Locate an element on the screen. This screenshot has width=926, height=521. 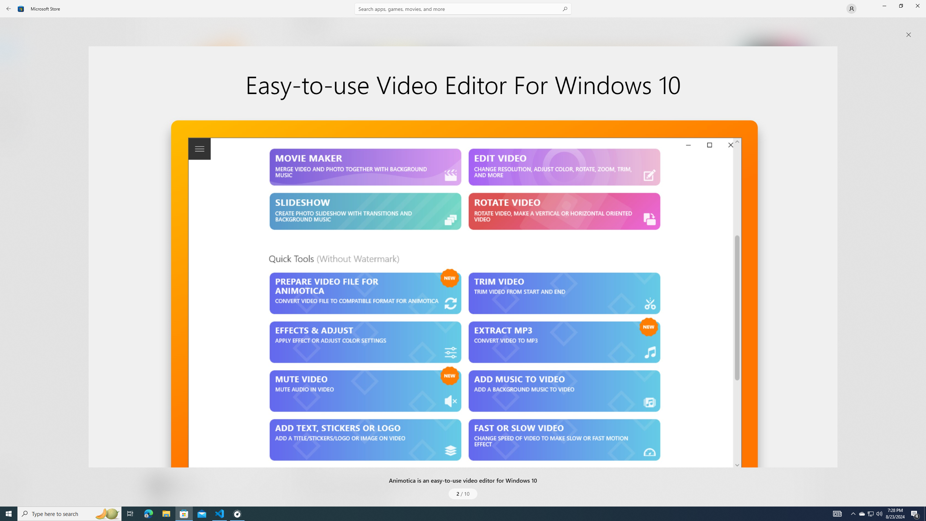
'Close Microsoft Store' is located at coordinates (917, 5).